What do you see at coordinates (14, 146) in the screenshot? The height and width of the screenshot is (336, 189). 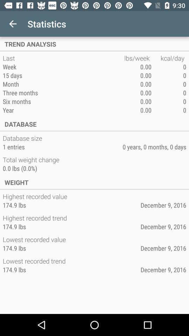 I see `icon below the database size` at bounding box center [14, 146].